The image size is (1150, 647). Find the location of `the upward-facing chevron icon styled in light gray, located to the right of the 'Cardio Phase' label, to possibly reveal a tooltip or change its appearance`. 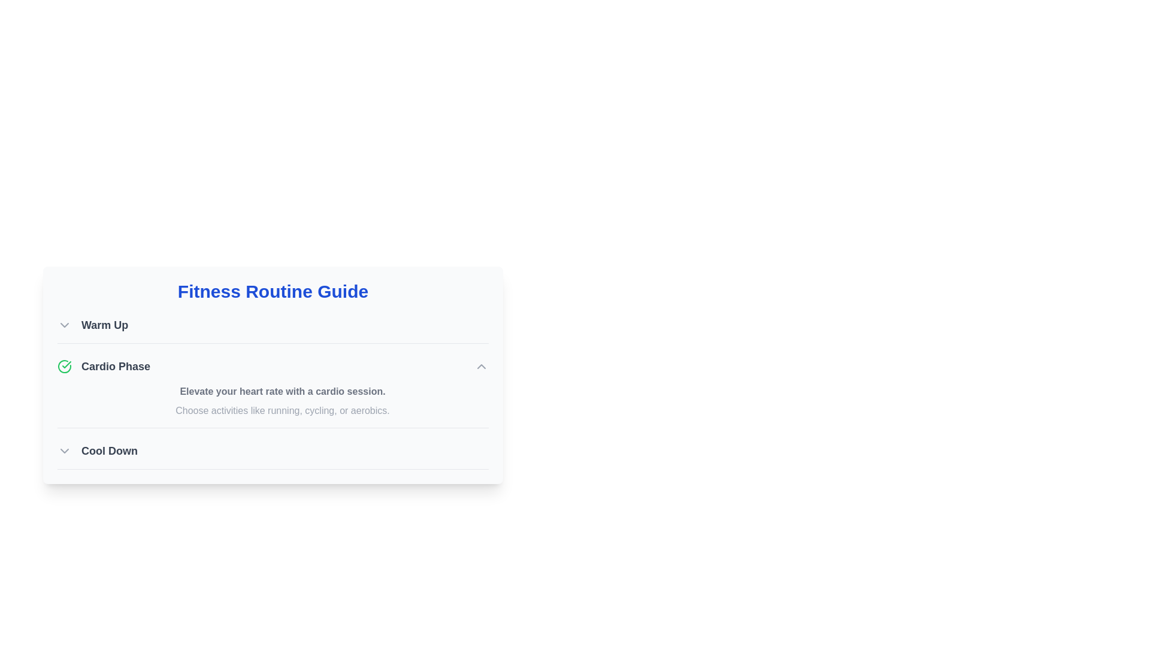

the upward-facing chevron icon styled in light gray, located to the right of the 'Cardio Phase' label, to possibly reveal a tooltip or change its appearance is located at coordinates (482, 366).